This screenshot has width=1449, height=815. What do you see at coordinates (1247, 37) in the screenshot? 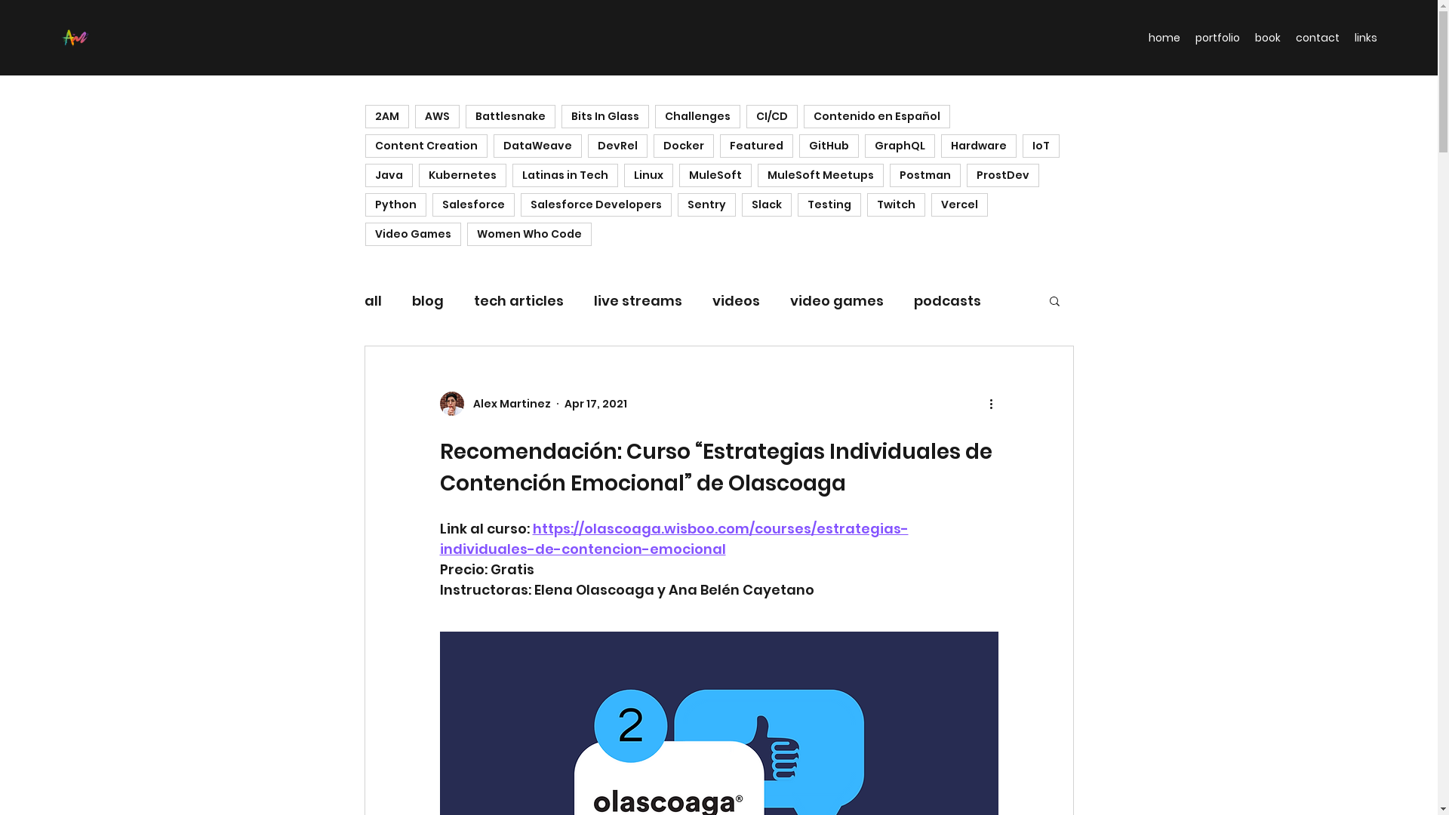
I see `'book'` at bounding box center [1247, 37].